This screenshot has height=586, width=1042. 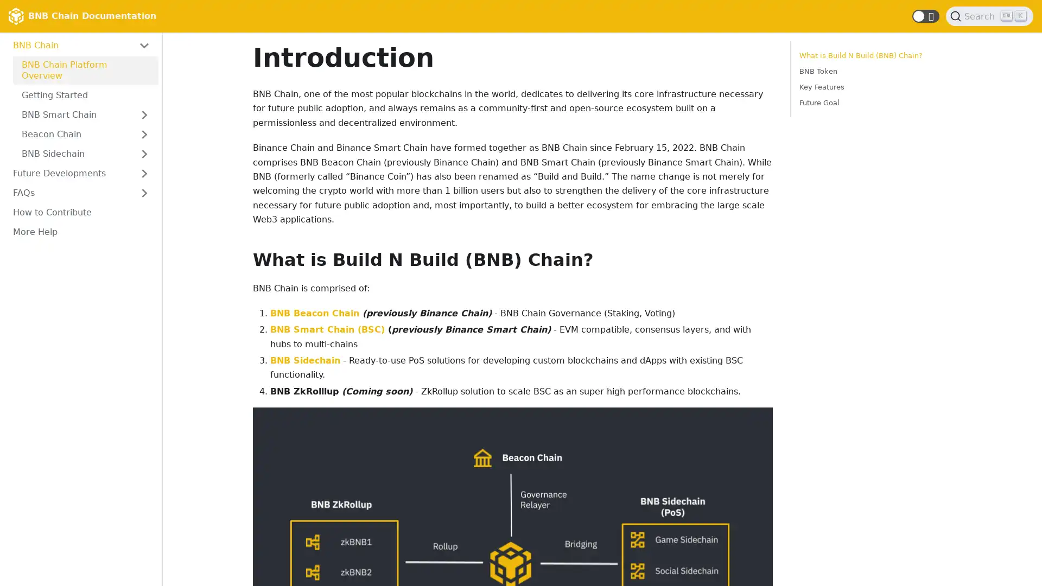 What do you see at coordinates (989, 16) in the screenshot?
I see `Search` at bounding box center [989, 16].